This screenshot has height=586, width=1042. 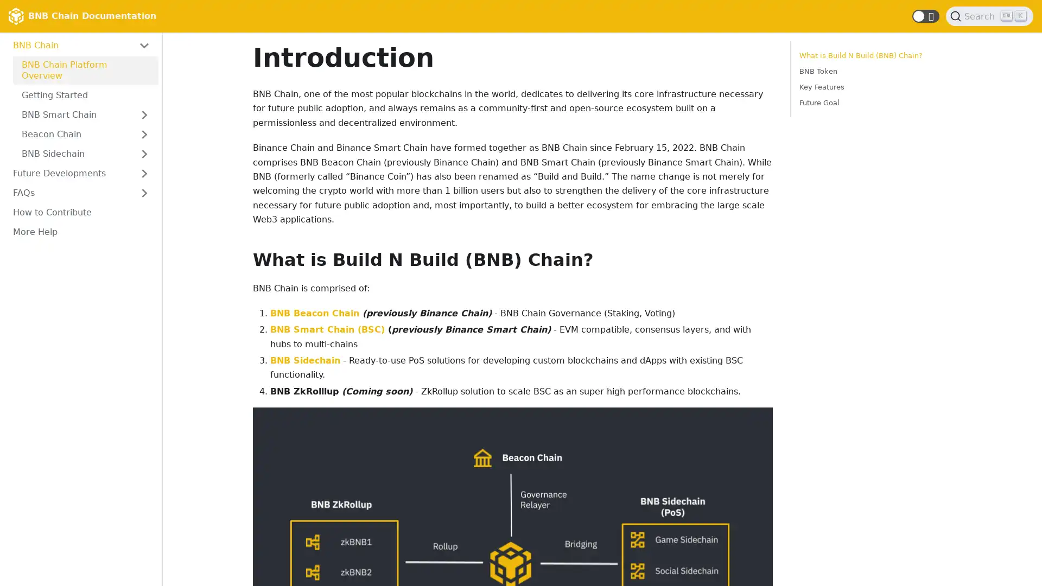 What do you see at coordinates (989, 16) in the screenshot?
I see `Search` at bounding box center [989, 16].